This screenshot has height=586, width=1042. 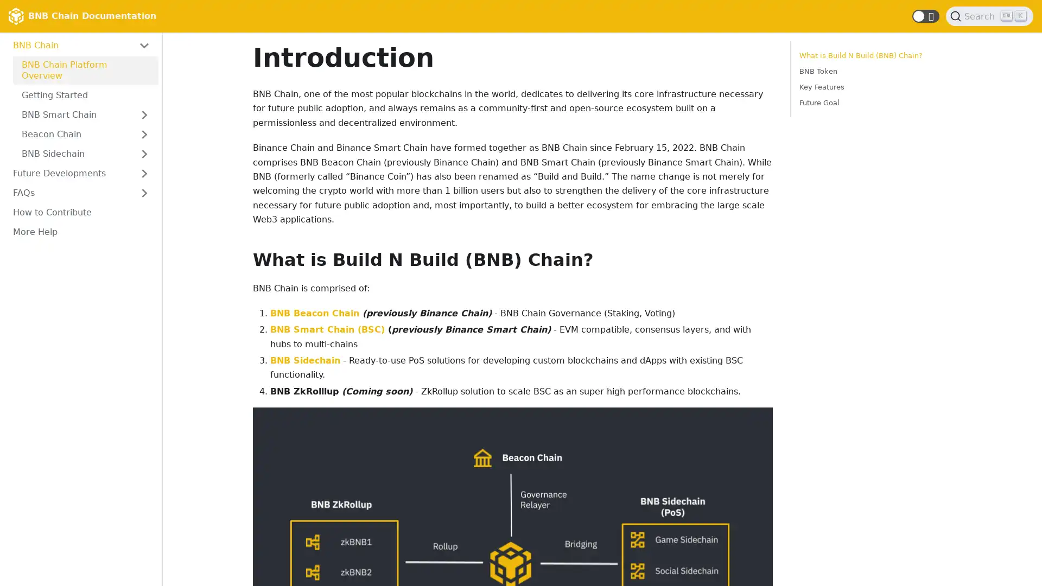 What do you see at coordinates (989, 16) in the screenshot?
I see `Search` at bounding box center [989, 16].